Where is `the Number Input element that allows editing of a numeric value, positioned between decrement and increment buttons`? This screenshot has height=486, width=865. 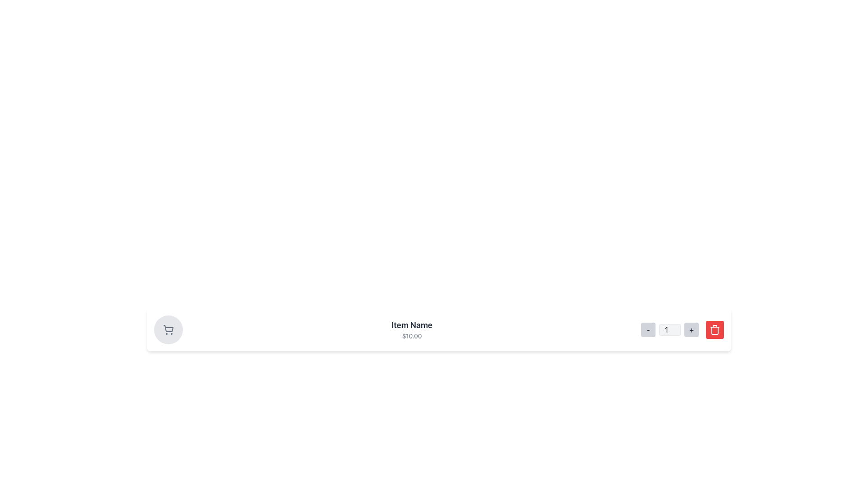
the Number Input element that allows editing of a numeric value, positioned between decrement and increment buttons is located at coordinates (670, 329).